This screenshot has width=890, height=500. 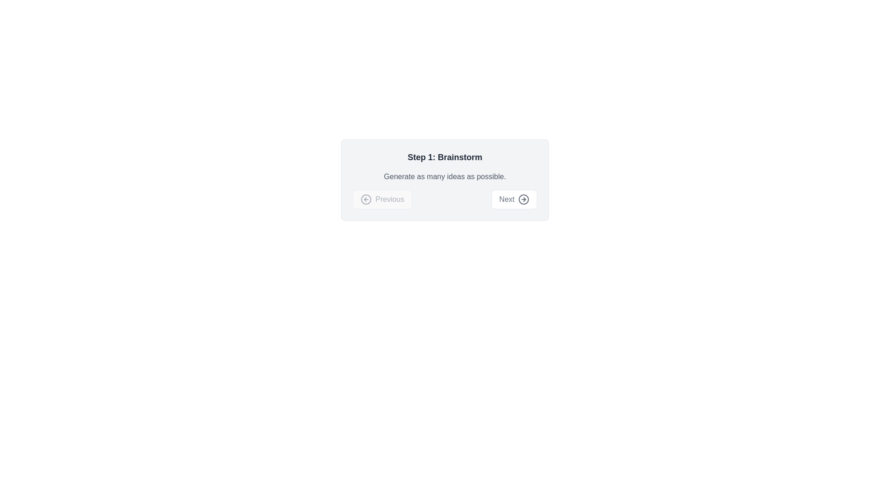 I want to click on the circular outline of the backward arrow icon located at the bottom-left region of the dialog box, adjacent to the 'Next' button, so click(x=366, y=199).